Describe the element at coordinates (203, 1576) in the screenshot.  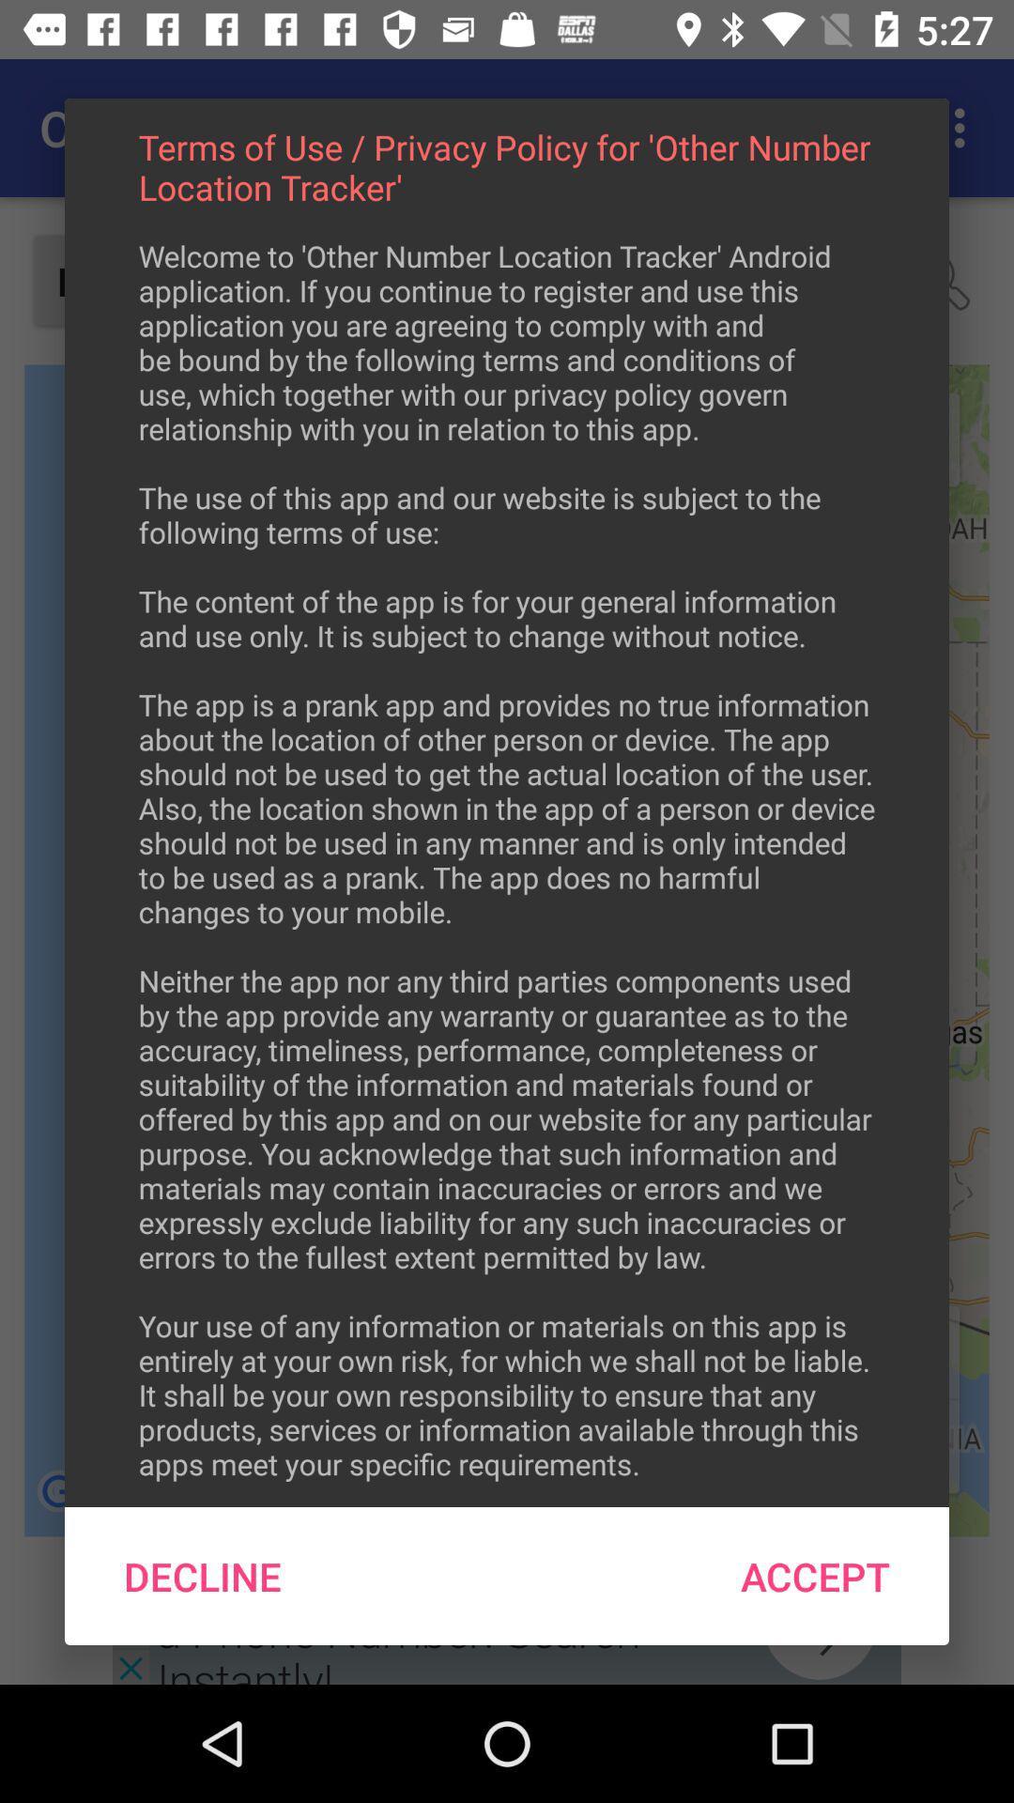
I see `decline at the bottom left corner` at that location.